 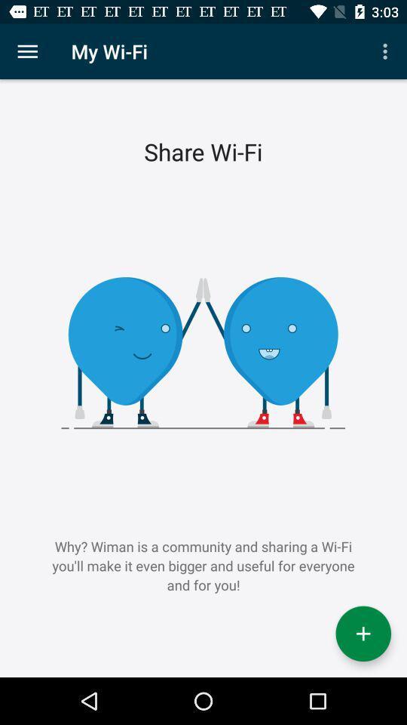 I want to click on the add icon, so click(x=363, y=634).